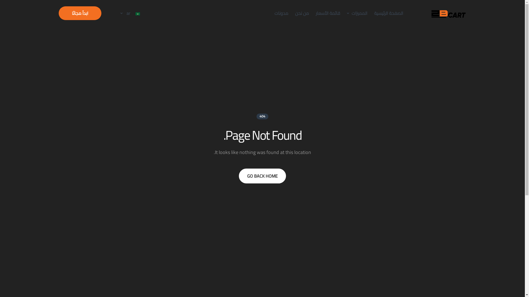  Describe the element at coordinates (262, 176) in the screenshot. I see `'GO BACK HOME'` at that location.